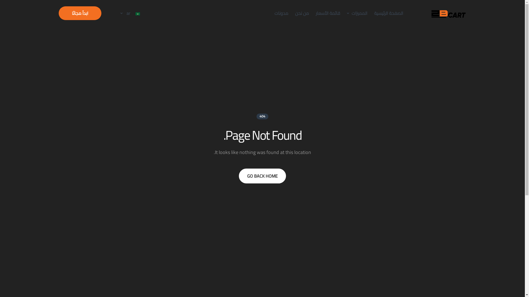  Describe the element at coordinates (262, 176) in the screenshot. I see `'GO BACK HOME'` at that location.